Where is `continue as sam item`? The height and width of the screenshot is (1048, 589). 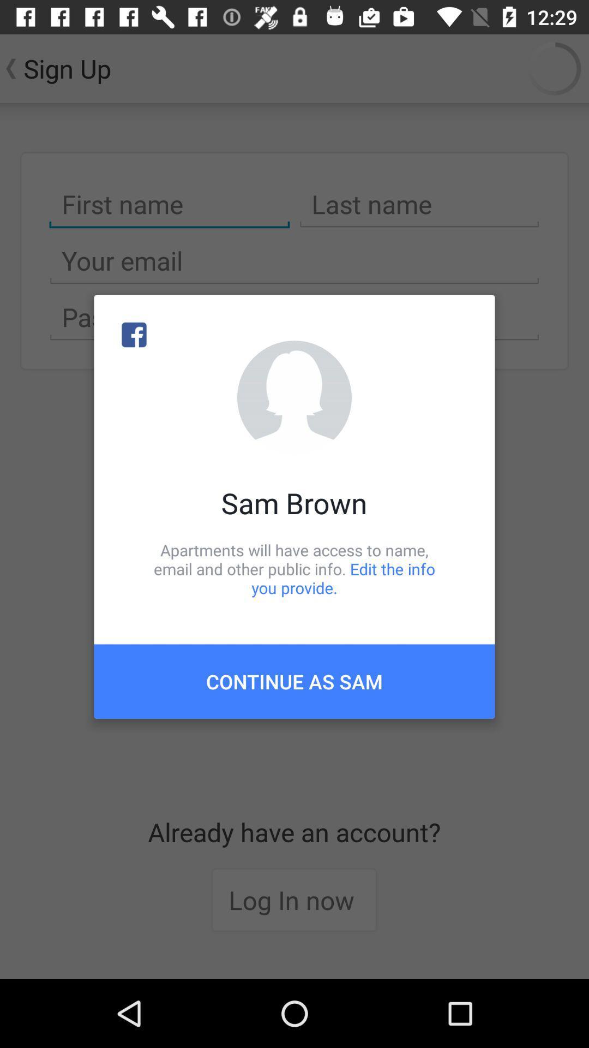 continue as sam item is located at coordinates (294, 681).